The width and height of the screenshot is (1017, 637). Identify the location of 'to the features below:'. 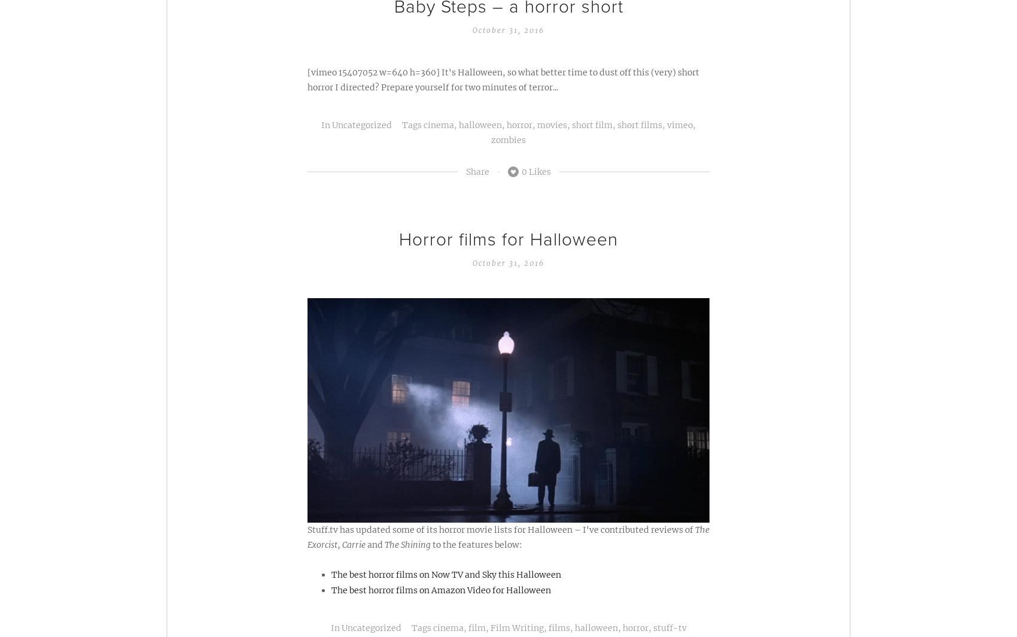
(476, 544).